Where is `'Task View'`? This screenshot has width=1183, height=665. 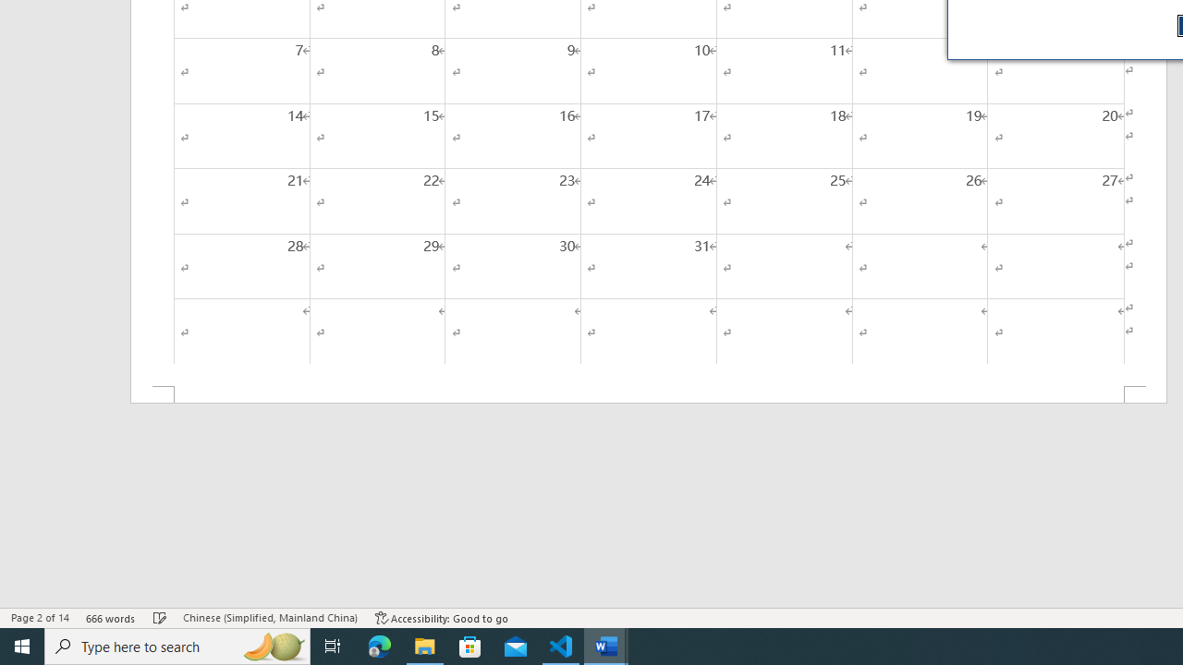 'Task View' is located at coordinates (332, 645).